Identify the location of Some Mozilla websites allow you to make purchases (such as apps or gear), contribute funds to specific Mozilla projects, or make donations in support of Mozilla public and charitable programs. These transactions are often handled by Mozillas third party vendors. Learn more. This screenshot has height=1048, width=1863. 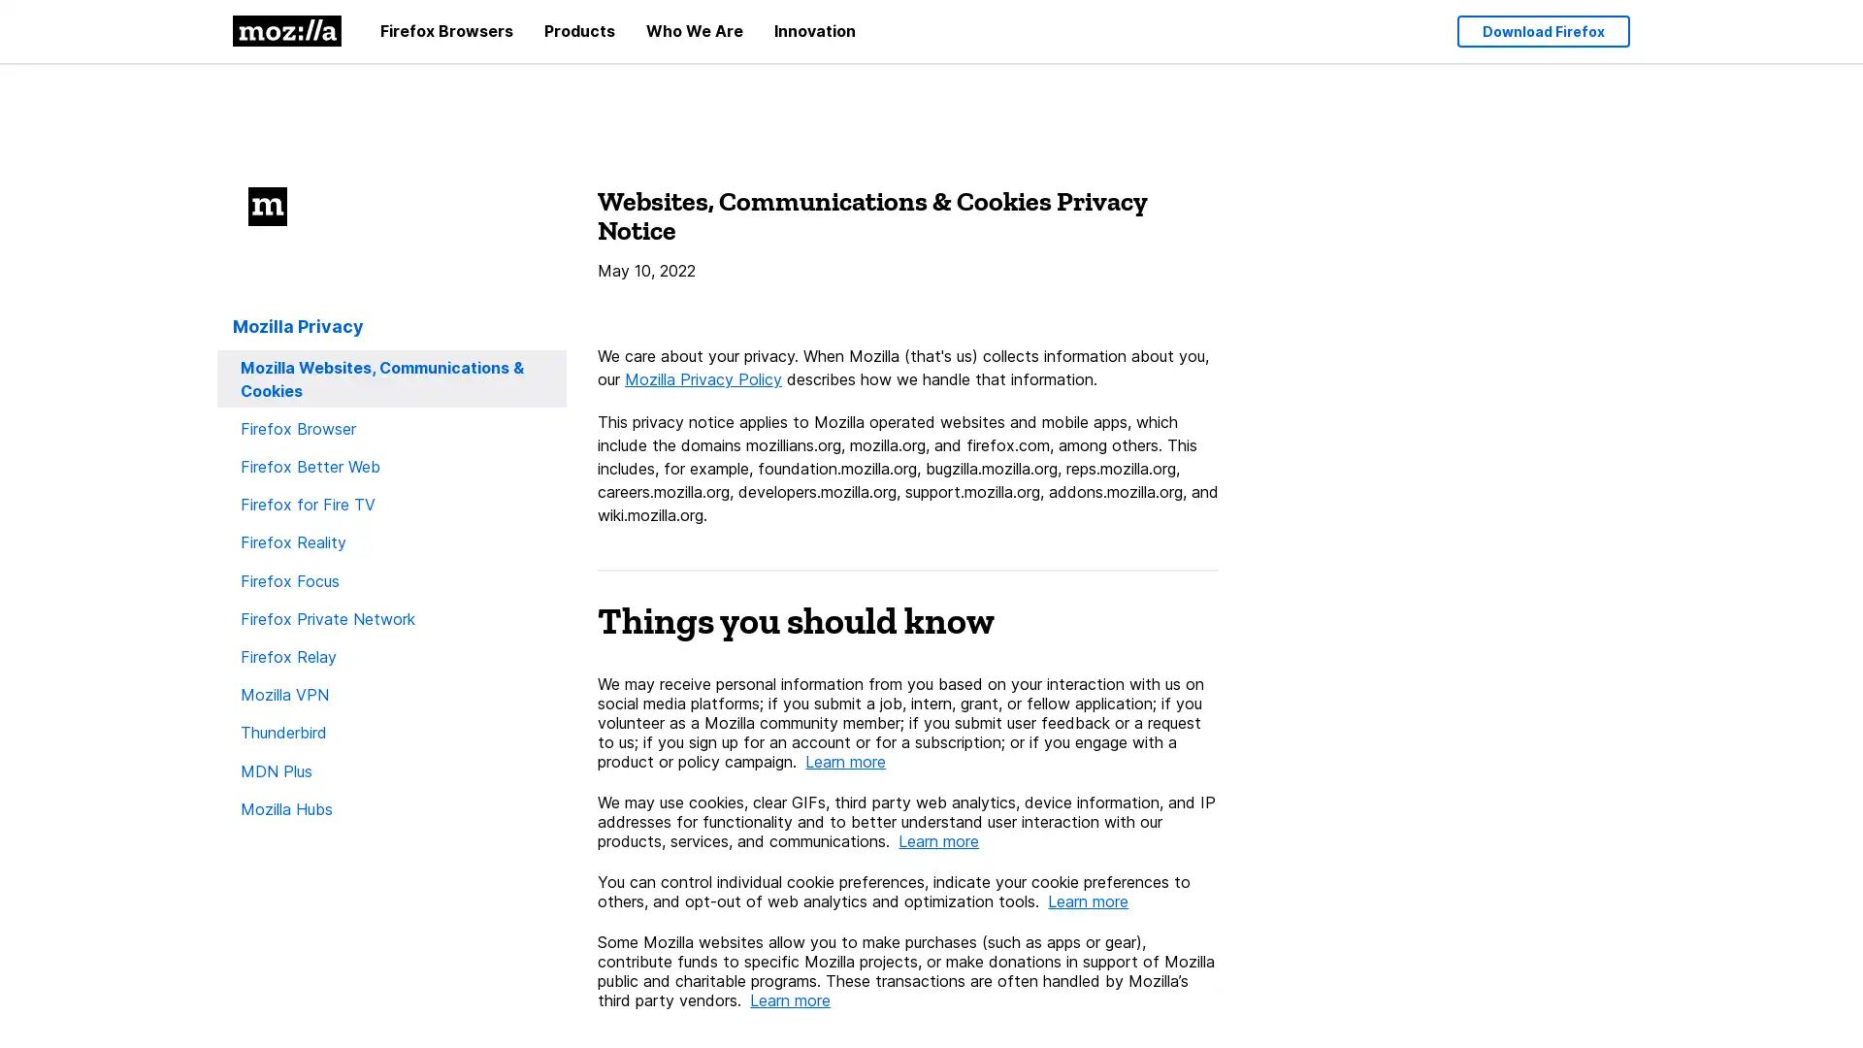
(907, 969).